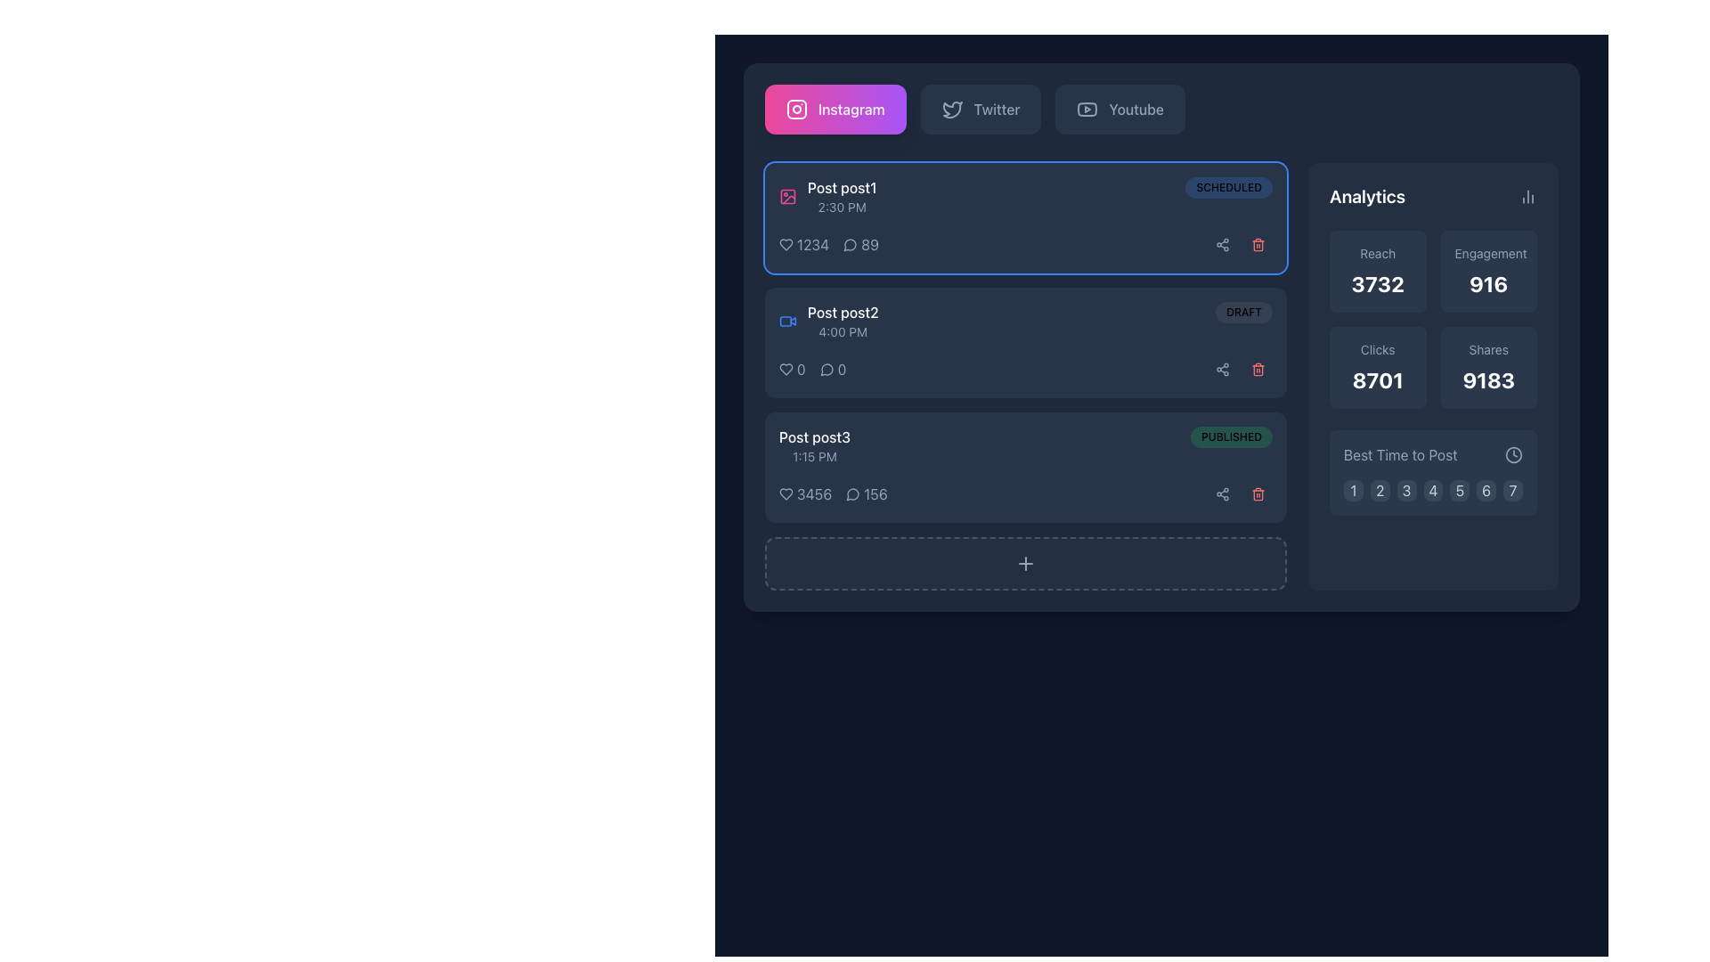  Describe the element at coordinates (813, 494) in the screenshot. I see `the Text label displaying the numerical metric '3456' located in the third post section, adjacent to a heart icon and another numeric value` at that location.